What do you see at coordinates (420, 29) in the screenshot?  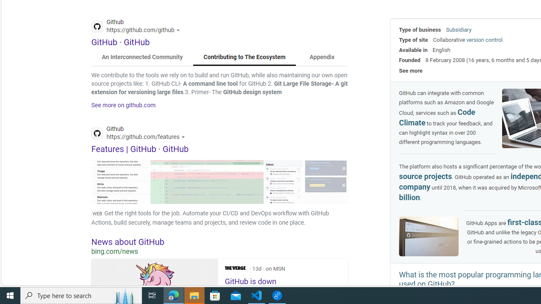 I see `'Type of business'` at bounding box center [420, 29].